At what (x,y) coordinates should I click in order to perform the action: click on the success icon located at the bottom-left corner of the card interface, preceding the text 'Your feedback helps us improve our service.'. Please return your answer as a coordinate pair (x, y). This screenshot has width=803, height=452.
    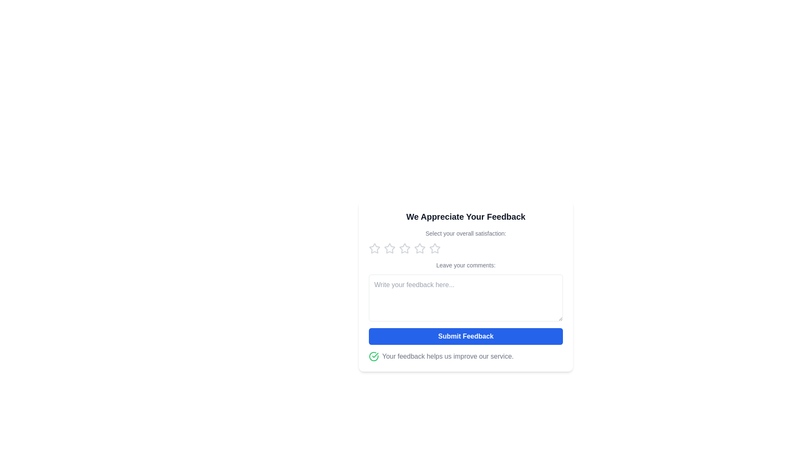
    Looking at the image, I should click on (373, 357).